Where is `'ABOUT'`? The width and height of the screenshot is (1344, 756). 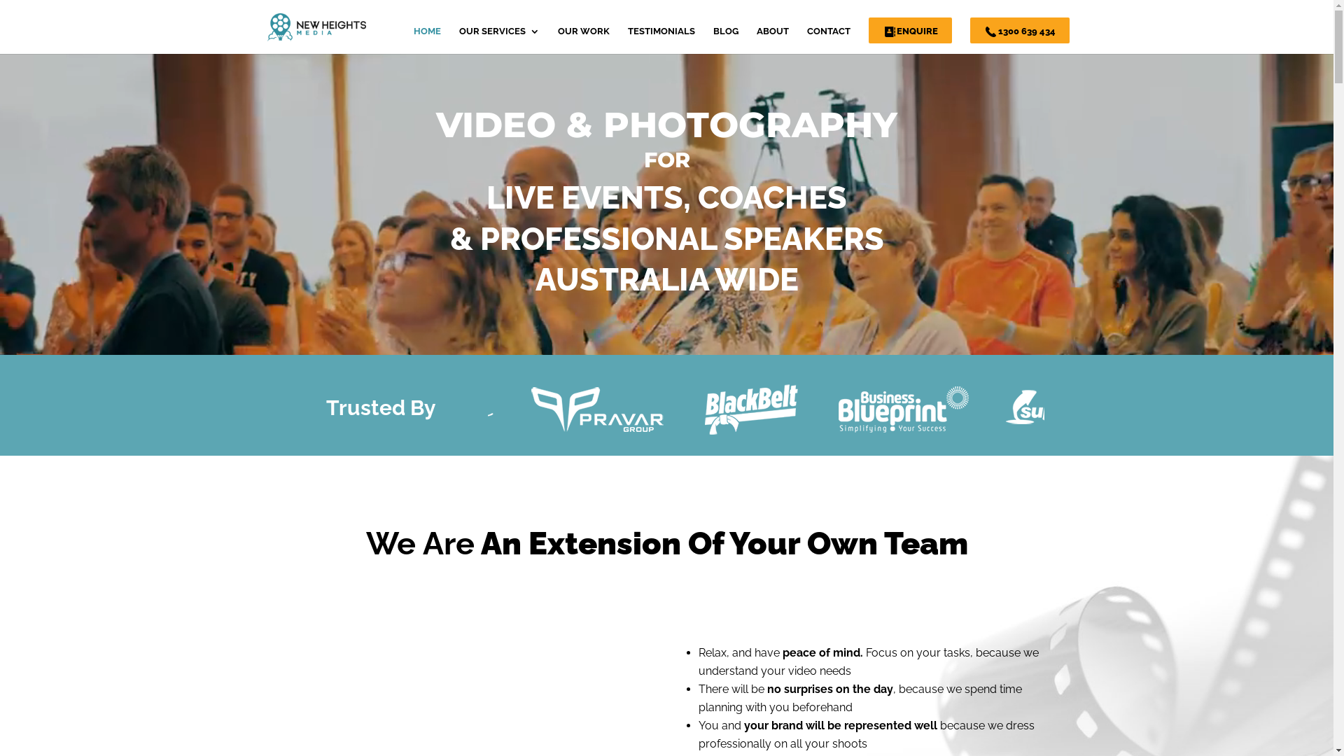 'ABOUT' is located at coordinates (771, 39).